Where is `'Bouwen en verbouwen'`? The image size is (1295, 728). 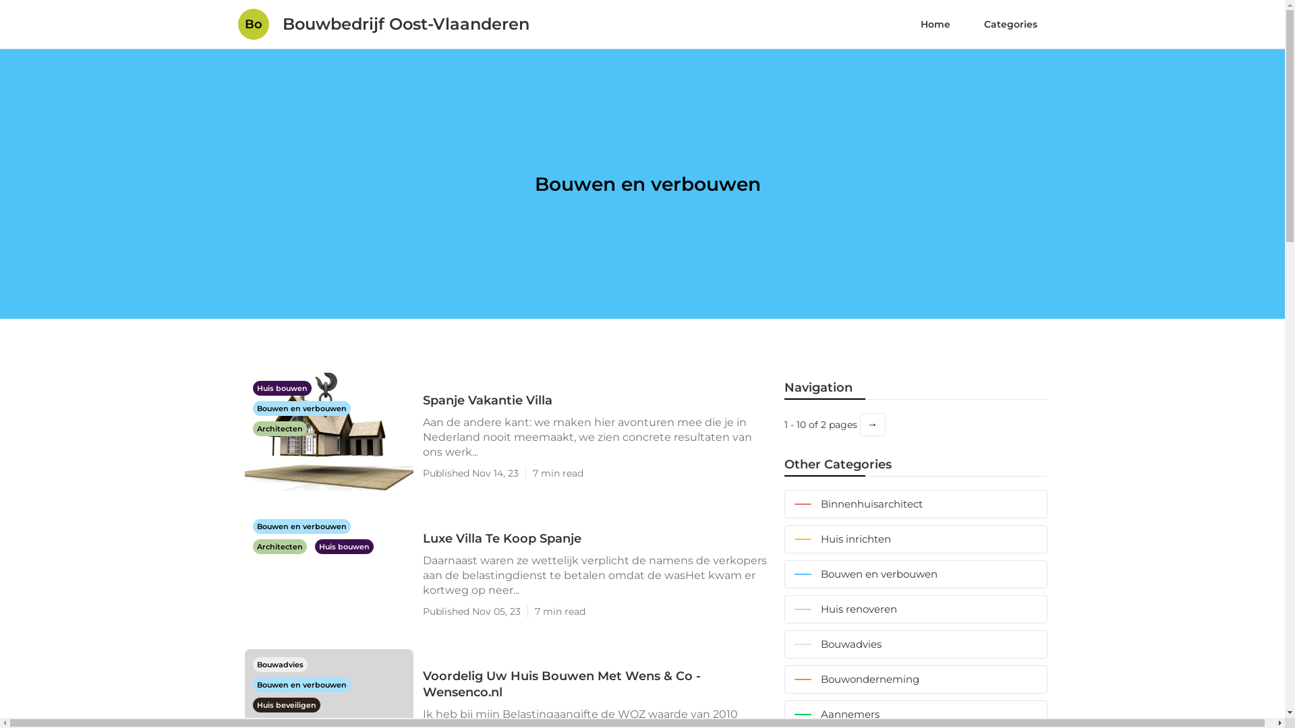
'Bouwen en verbouwen' is located at coordinates (300, 407).